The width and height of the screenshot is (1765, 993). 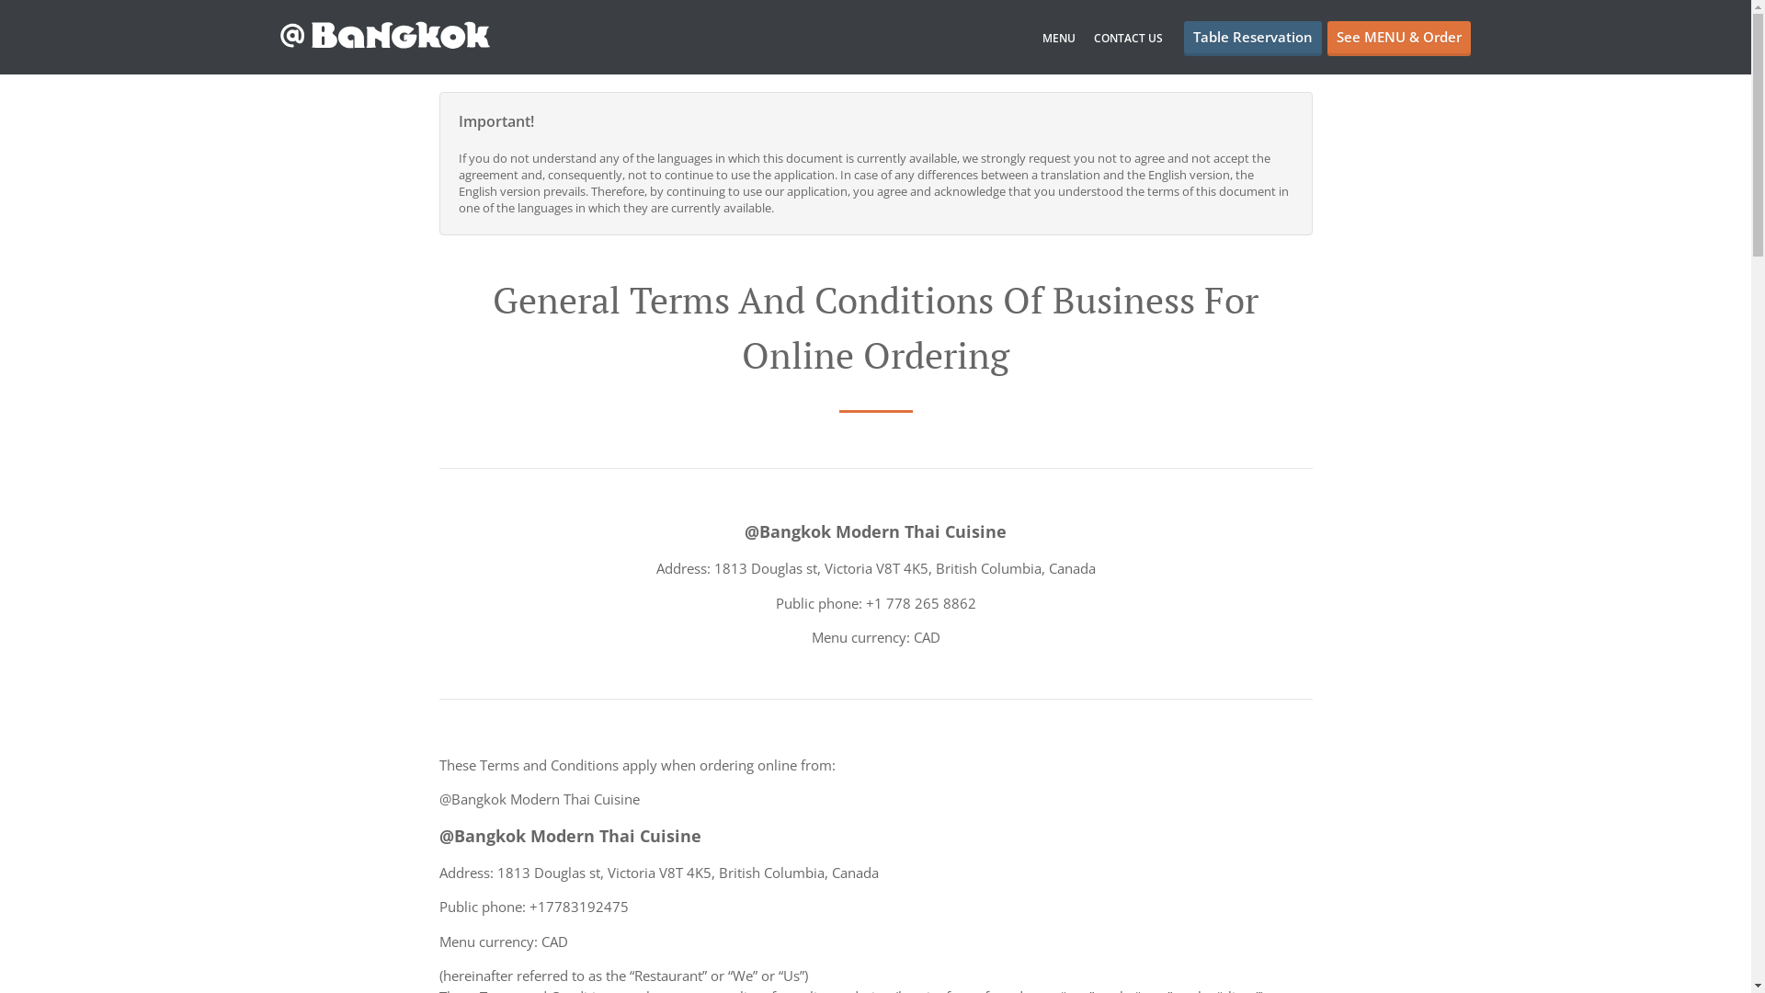 What do you see at coordinates (1059, 38) in the screenshot?
I see `'MENU'` at bounding box center [1059, 38].